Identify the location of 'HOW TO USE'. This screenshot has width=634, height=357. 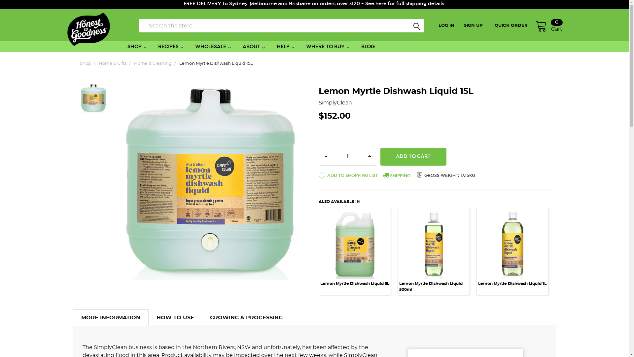
(175, 317).